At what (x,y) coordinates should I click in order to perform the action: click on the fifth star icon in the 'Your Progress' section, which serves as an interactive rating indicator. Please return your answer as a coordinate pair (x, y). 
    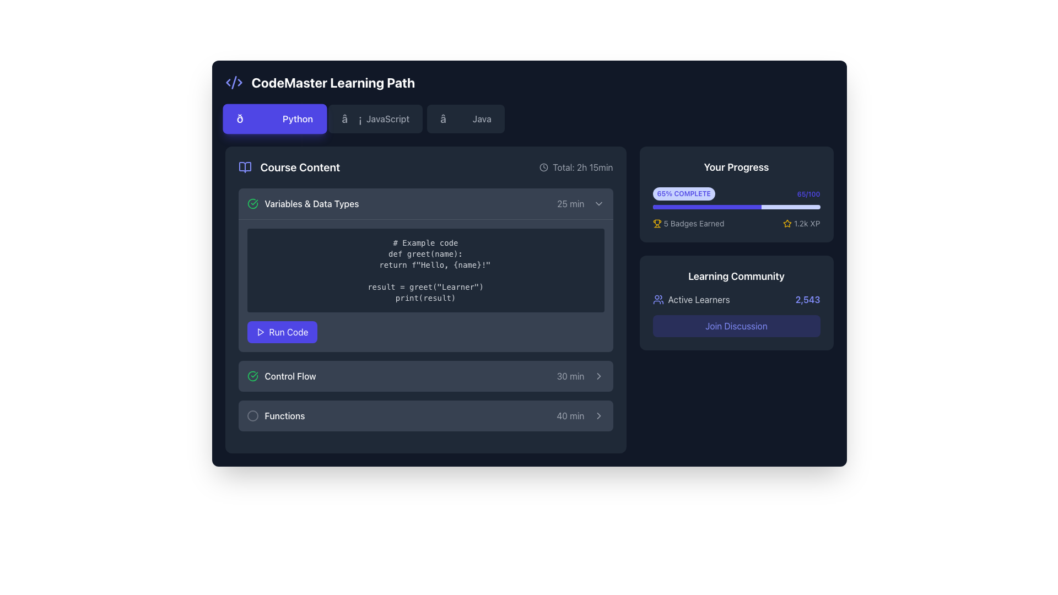
    Looking at the image, I should click on (787, 223).